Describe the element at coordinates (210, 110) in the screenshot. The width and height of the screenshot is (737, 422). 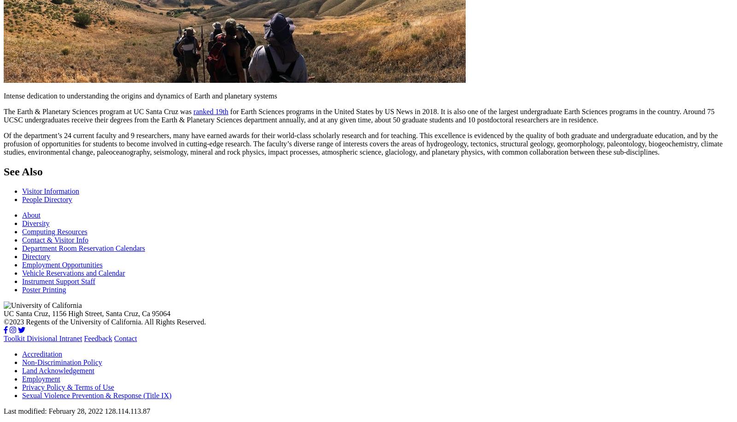
I see `'ranked 19th'` at that location.